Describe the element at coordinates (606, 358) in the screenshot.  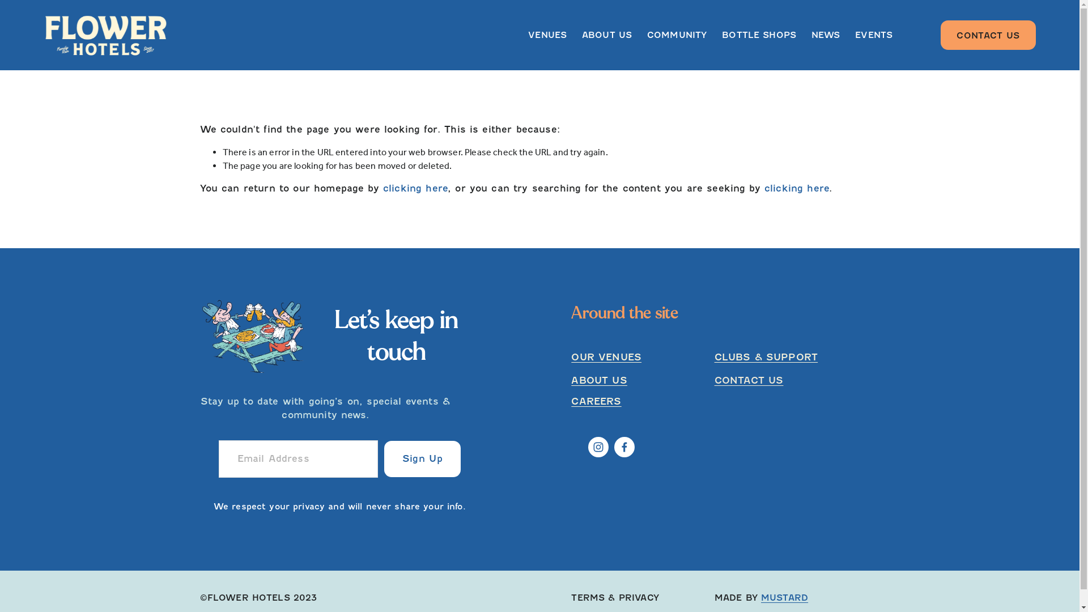
I see `'OUR VENUES'` at that location.